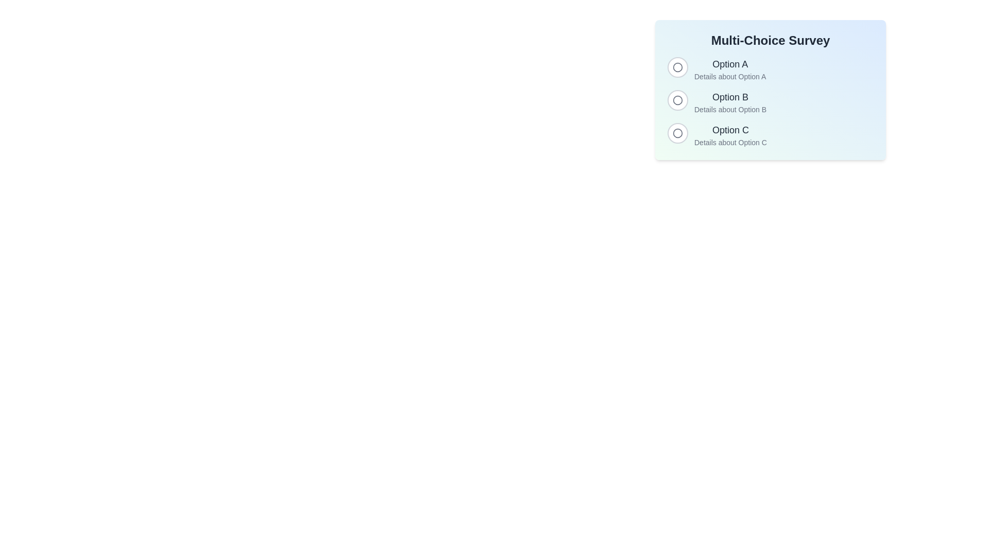 The height and width of the screenshot is (556, 989). Describe the element at coordinates (730, 143) in the screenshot. I see `the text label providing additional information for 'Option C', located at the bottom right of the interface card beneath the heading 'Option C'` at that location.